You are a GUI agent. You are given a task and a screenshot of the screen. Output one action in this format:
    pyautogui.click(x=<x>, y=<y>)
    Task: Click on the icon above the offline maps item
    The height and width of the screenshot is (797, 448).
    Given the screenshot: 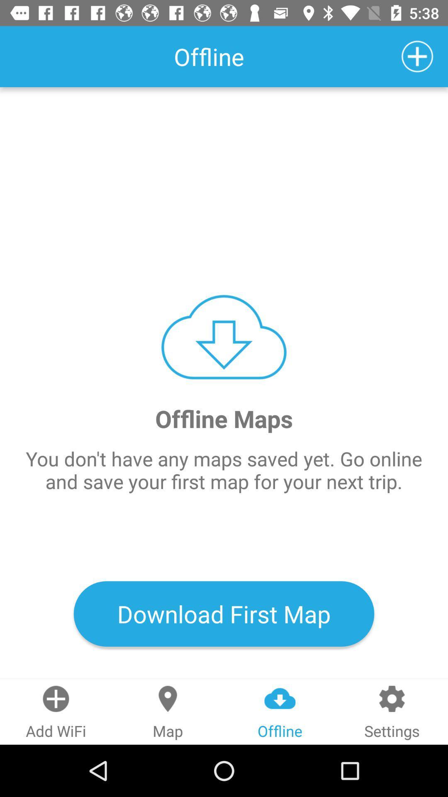 What is the action you would take?
    pyautogui.click(x=417, y=56)
    